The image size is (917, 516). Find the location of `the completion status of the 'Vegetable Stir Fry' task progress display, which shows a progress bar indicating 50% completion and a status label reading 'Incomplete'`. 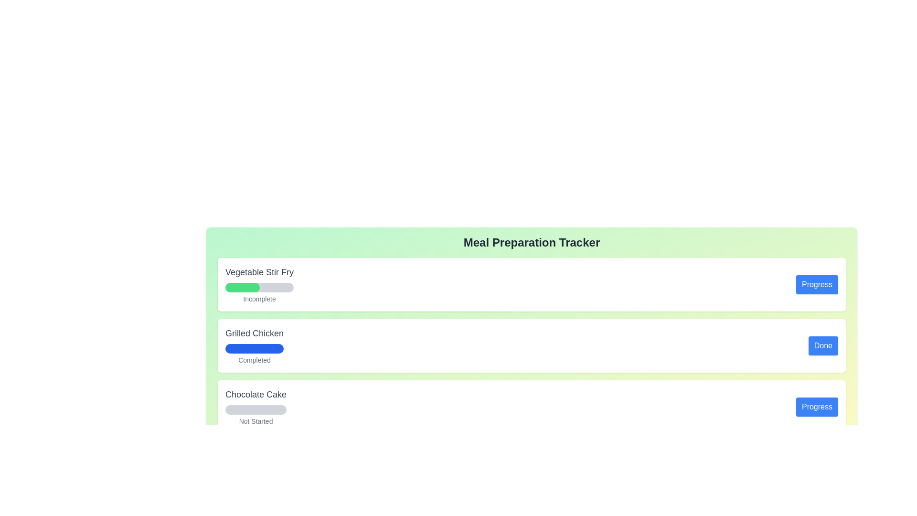

the completion status of the 'Vegetable Stir Fry' task progress display, which shows a progress bar indicating 50% completion and a status label reading 'Incomplete' is located at coordinates (259, 284).